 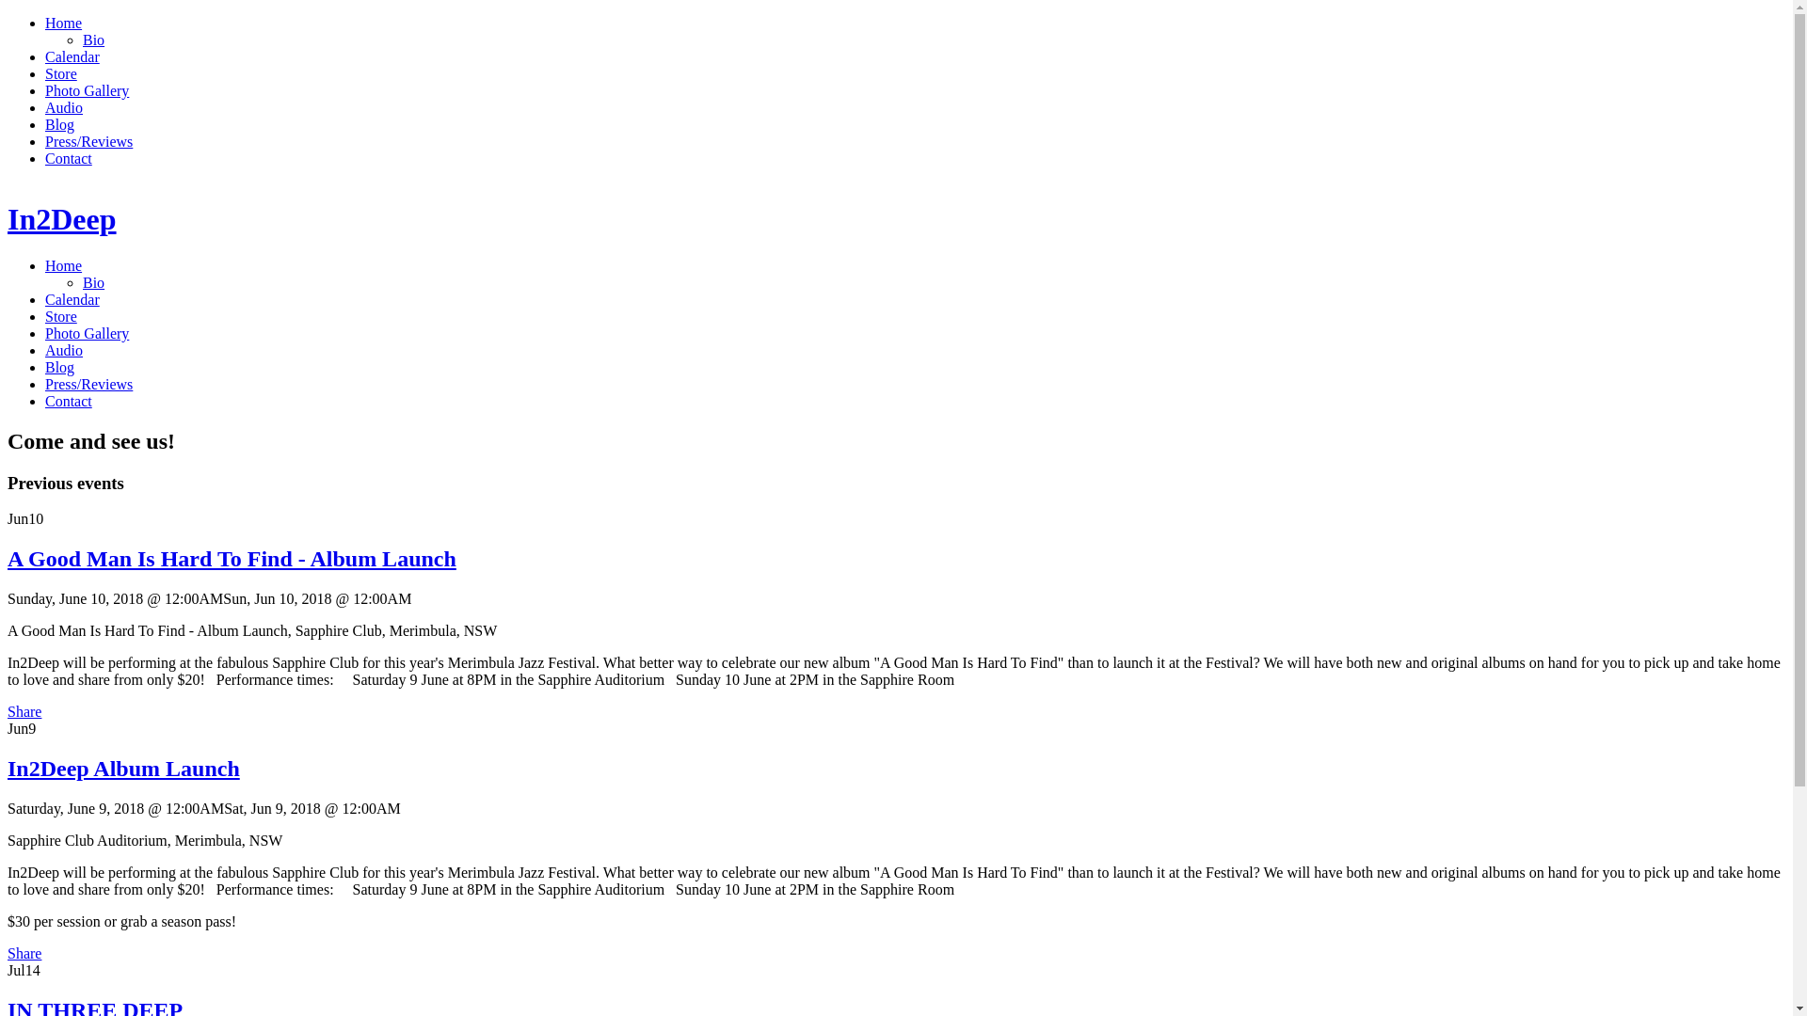 I want to click on 'Press/Reviews', so click(x=88, y=383).